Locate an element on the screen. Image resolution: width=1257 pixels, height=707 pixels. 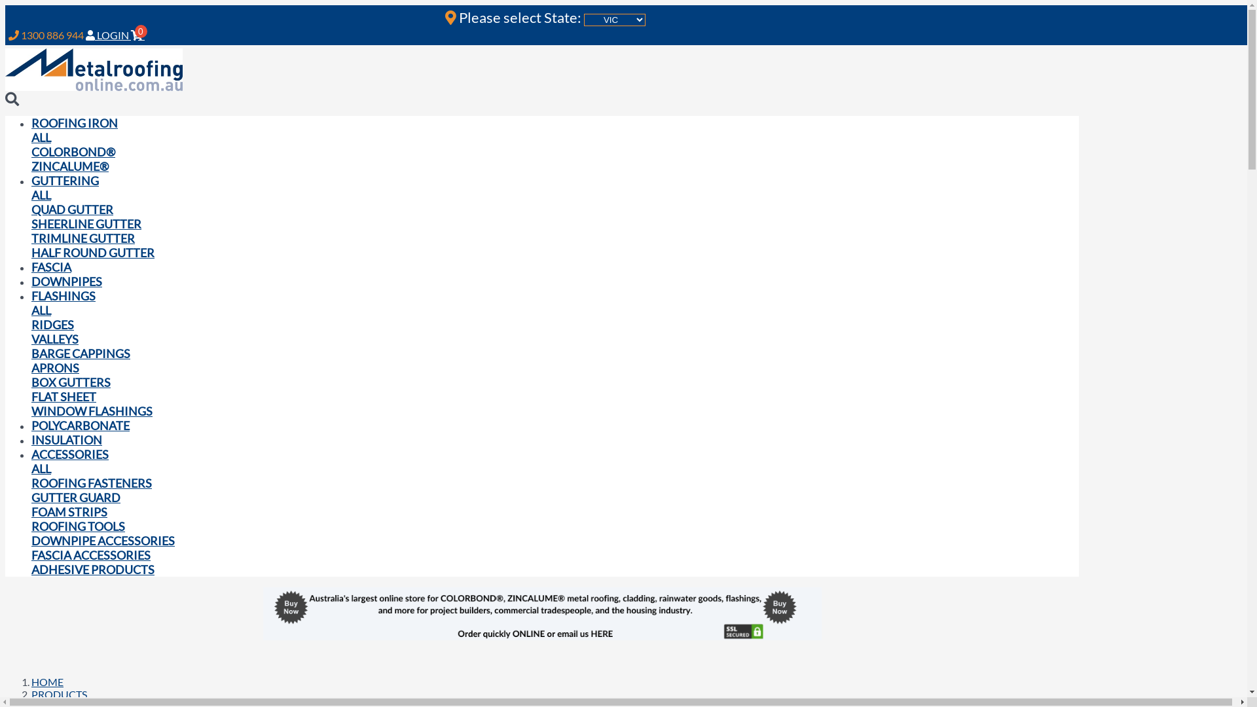
'FLAT SHEET' is located at coordinates (63, 395).